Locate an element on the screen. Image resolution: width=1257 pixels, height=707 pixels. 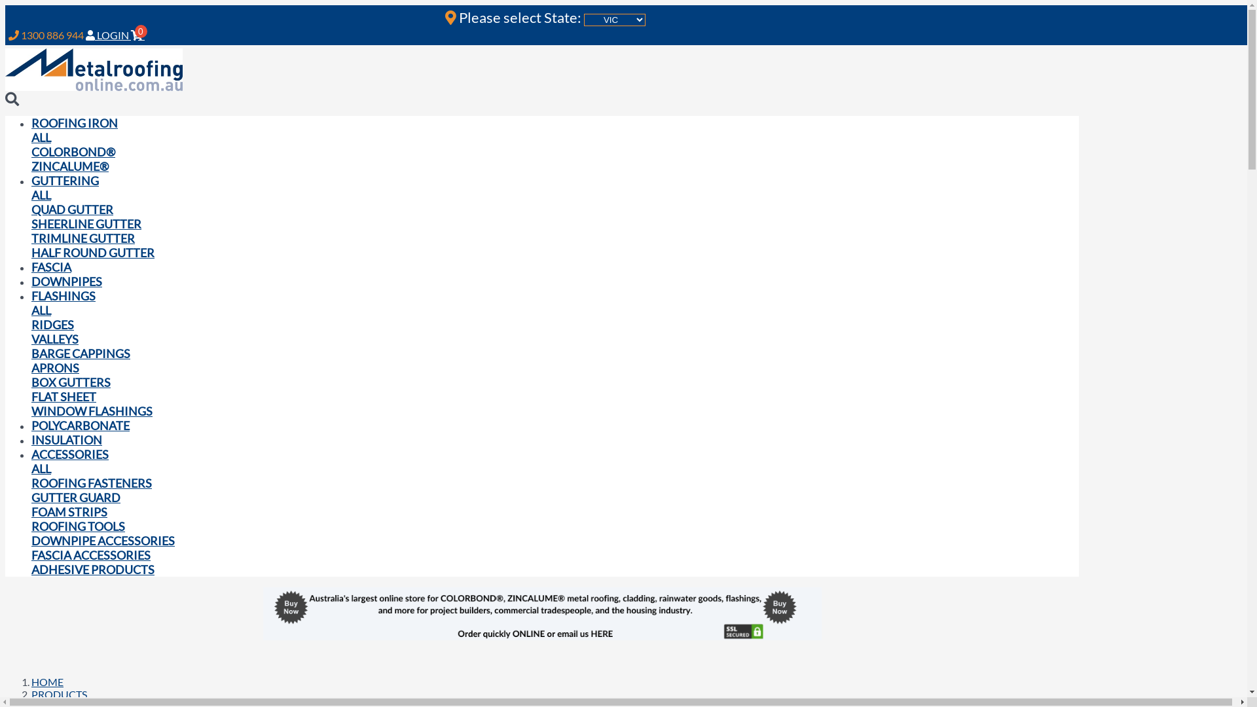
'FLAT SHEET' is located at coordinates (63, 395).